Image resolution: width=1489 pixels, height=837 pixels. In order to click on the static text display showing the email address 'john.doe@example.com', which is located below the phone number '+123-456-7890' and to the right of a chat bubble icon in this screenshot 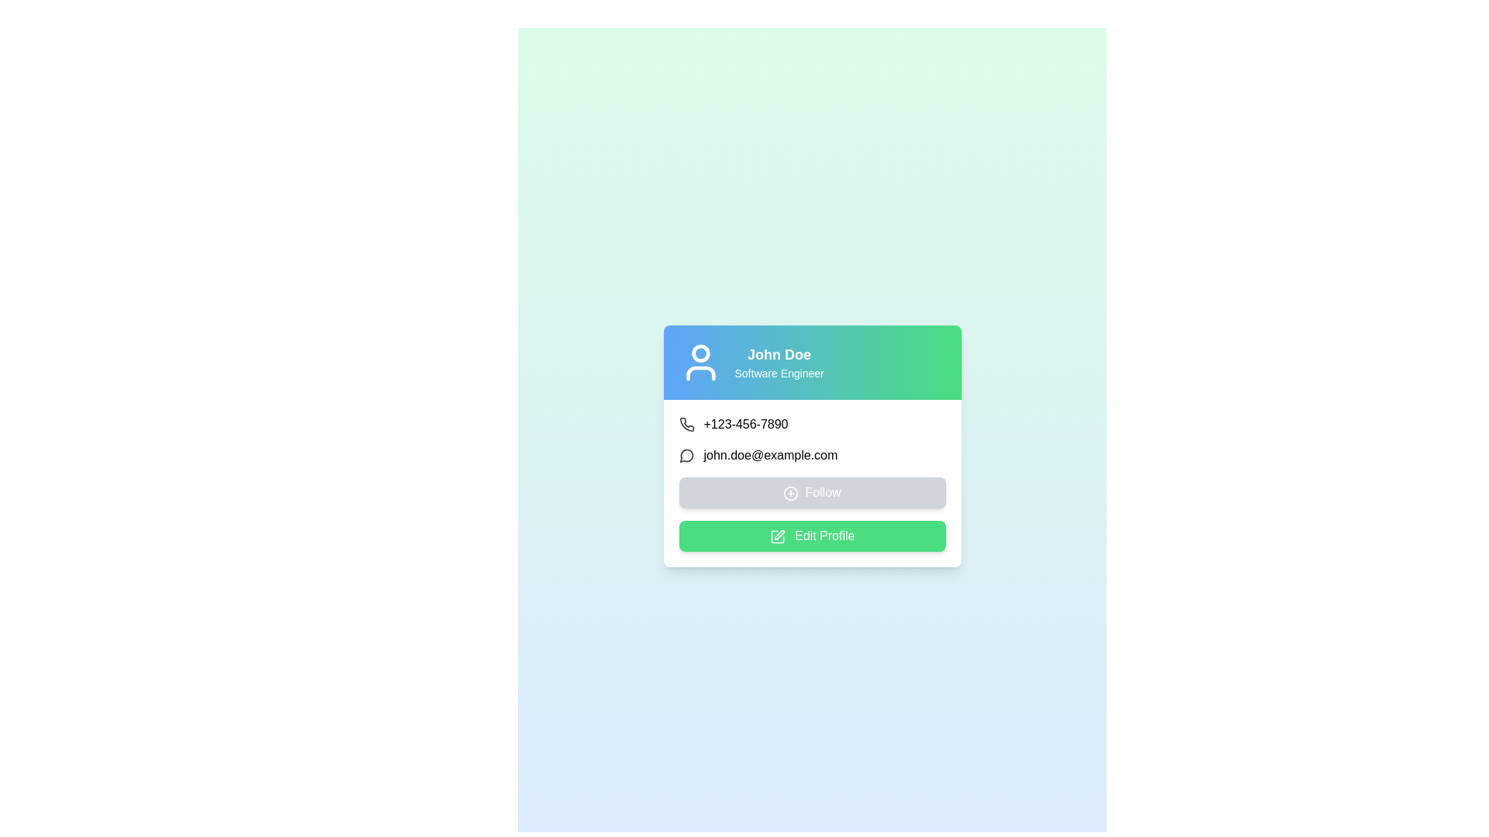, I will do `click(770, 454)`.